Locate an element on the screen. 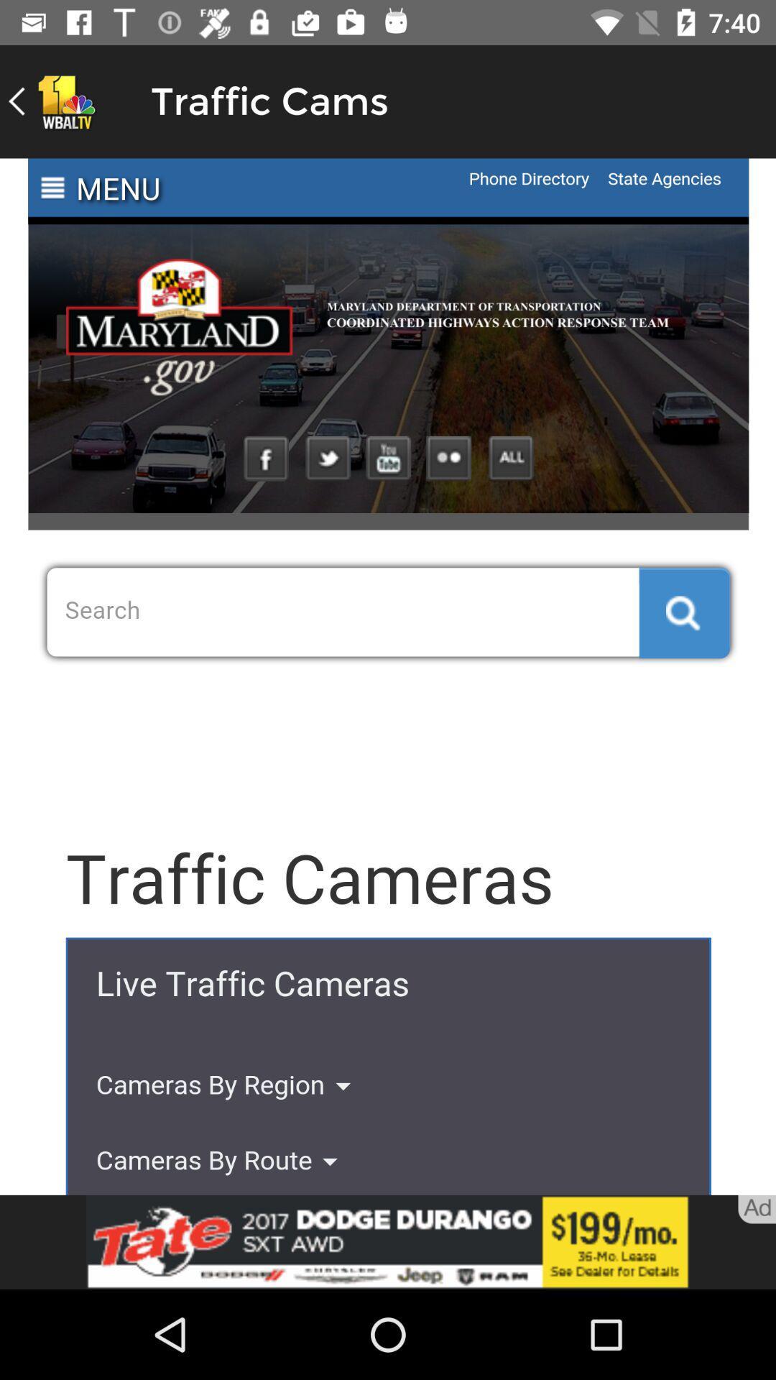 Image resolution: width=776 pixels, height=1380 pixels. open advertisement is located at coordinates (388, 1241).